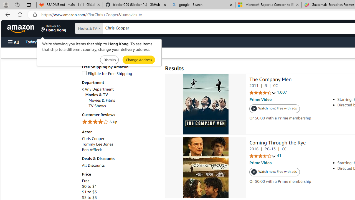 The width and height of the screenshot is (355, 200). I want to click on 'Ben Affleck', so click(120, 149).